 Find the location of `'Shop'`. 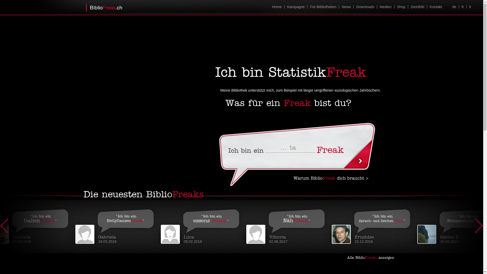

'Shop' is located at coordinates (401, 7).